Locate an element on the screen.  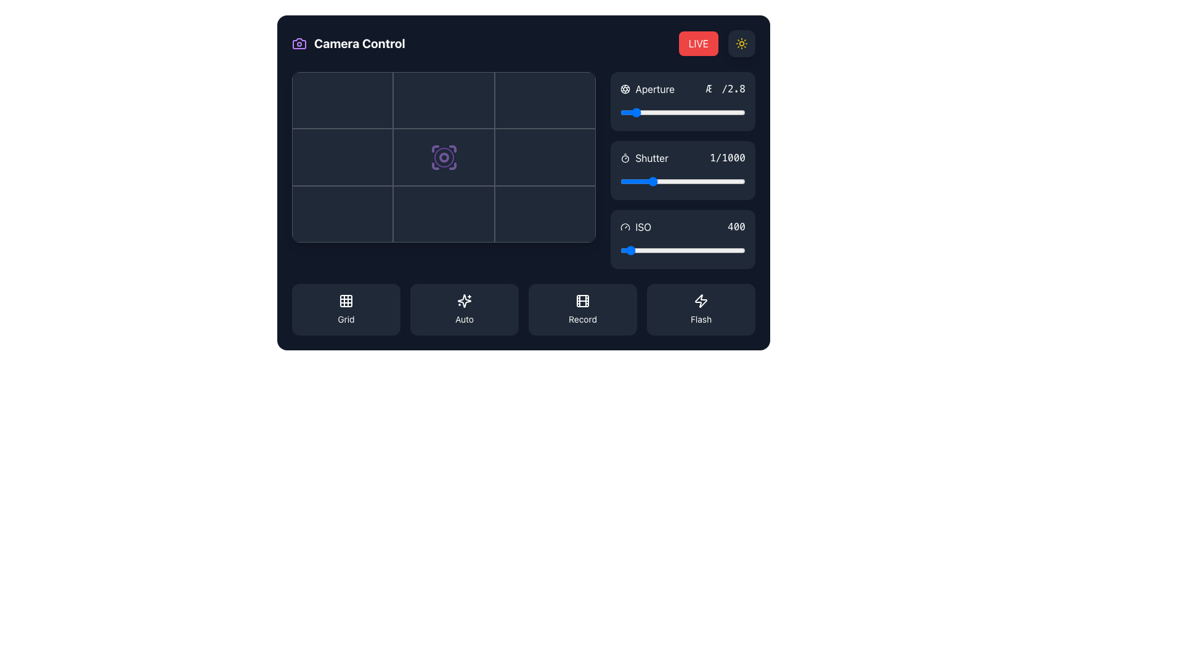
text label displaying 'Shutter', which is positioned below the 'Aperture' section in the settings list is located at coordinates (644, 158).